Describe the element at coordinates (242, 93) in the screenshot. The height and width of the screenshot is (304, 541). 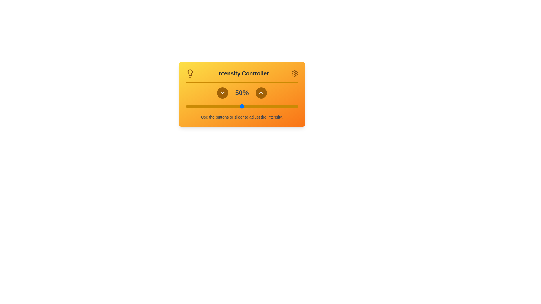
I see `the text label displaying '50%' in bold, gray font, which is centrally positioned between two buttons with arrow icons` at that location.